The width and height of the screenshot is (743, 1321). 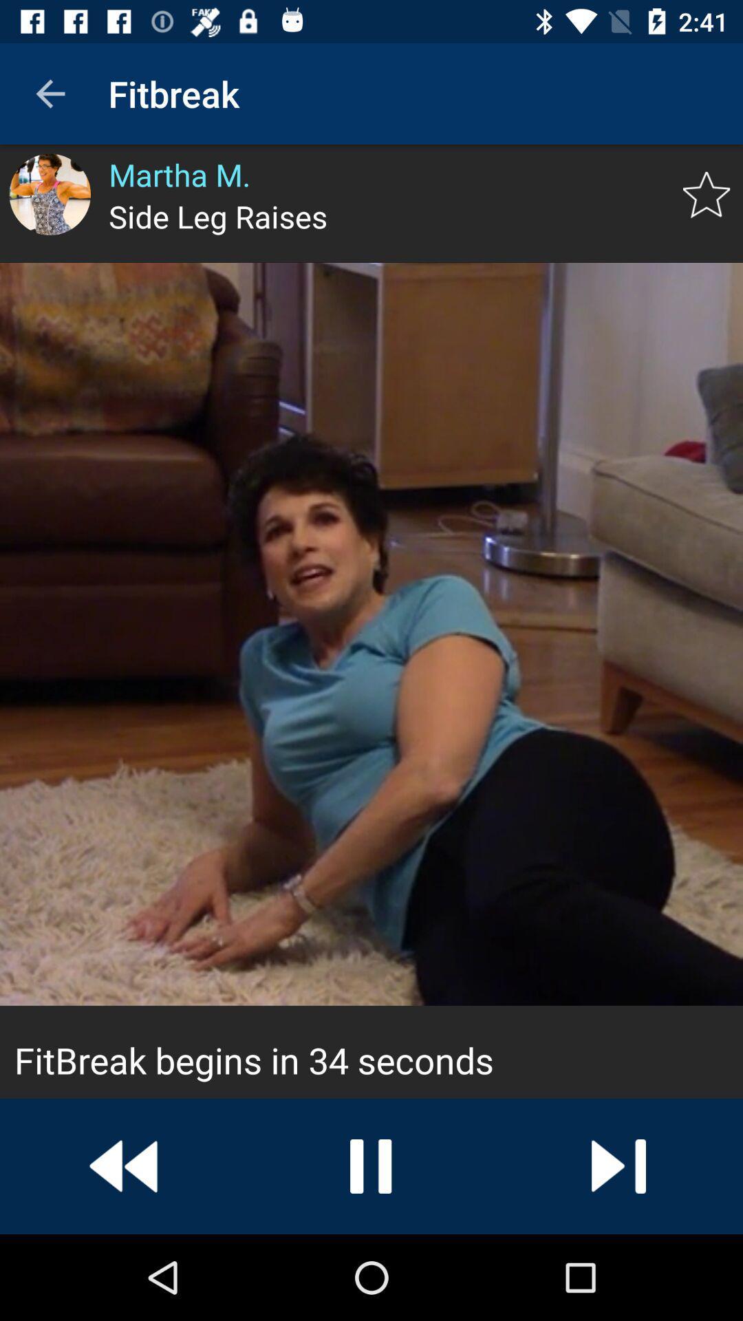 What do you see at coordinates (50, 93) in the screenshot?
I see `the icon to the left of the fitbreak item` at bounding box center [50, 93].